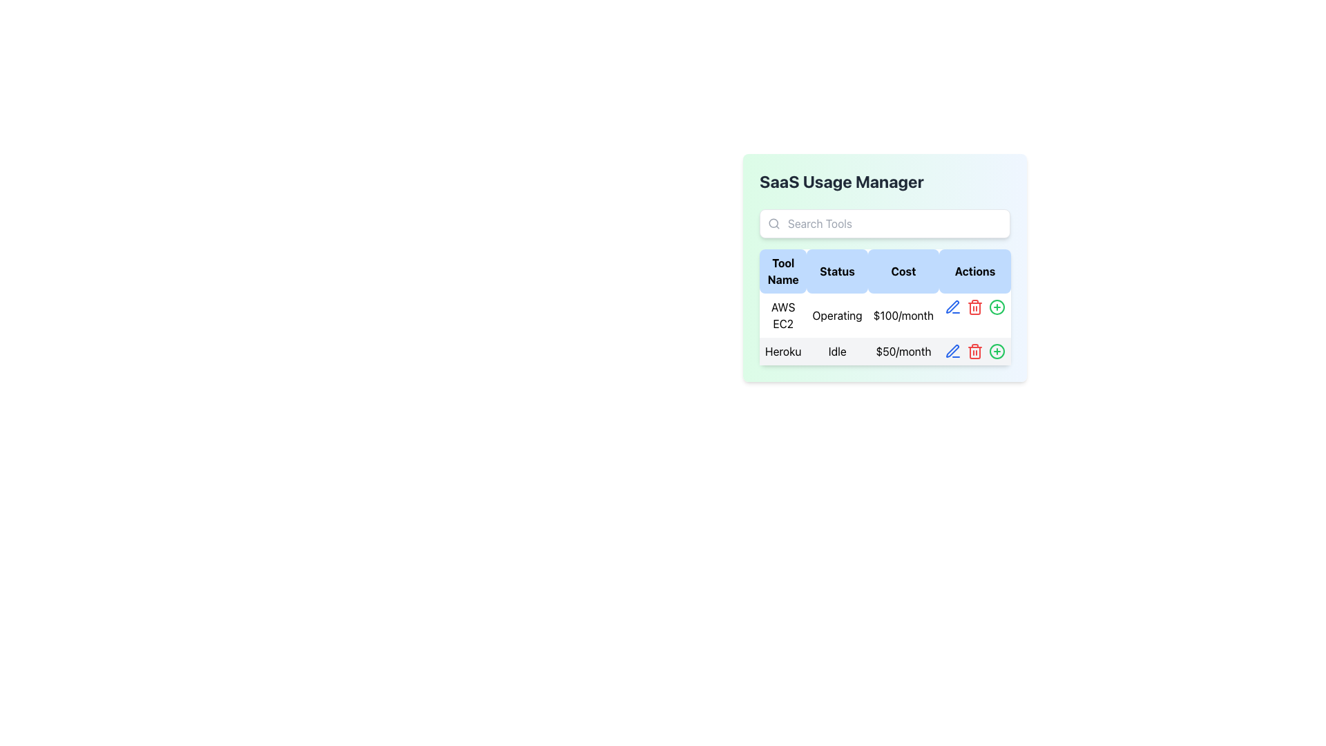 The height and width of the screenshot is (746, 1326). I want to click on the blue pen icon button located in the 'Actions' column of the second row of the table, so click(952, 306).